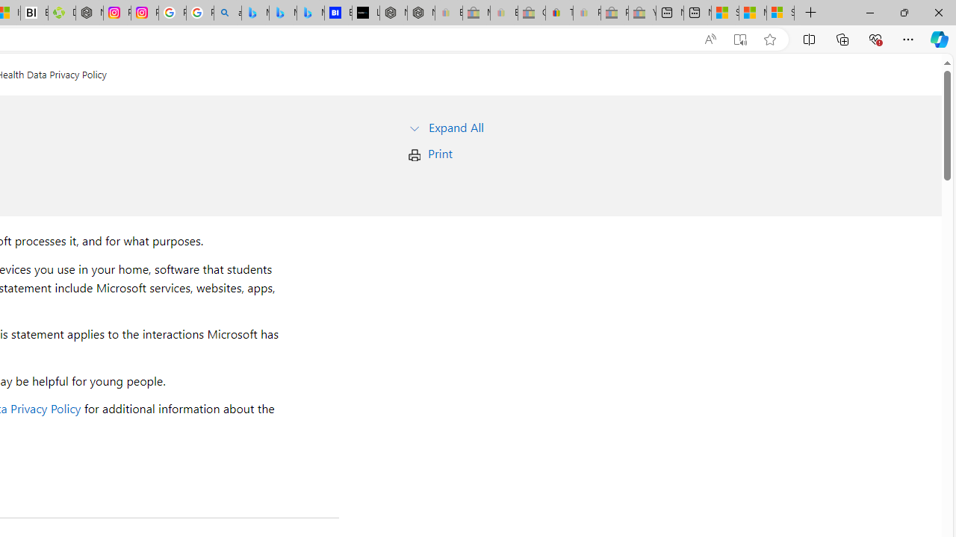  Describe the element at coordinates (456, 126) in the screenshot. I see `'Expand All'` at that location.